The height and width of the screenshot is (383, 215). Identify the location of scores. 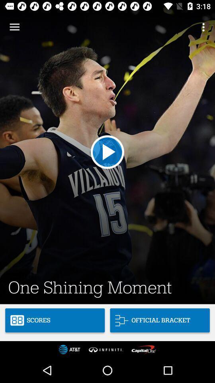
(55, 320).